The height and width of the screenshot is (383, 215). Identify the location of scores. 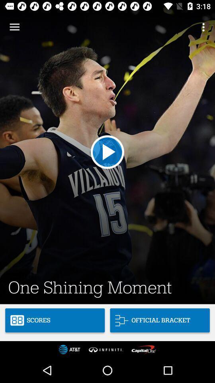
(55, 320).